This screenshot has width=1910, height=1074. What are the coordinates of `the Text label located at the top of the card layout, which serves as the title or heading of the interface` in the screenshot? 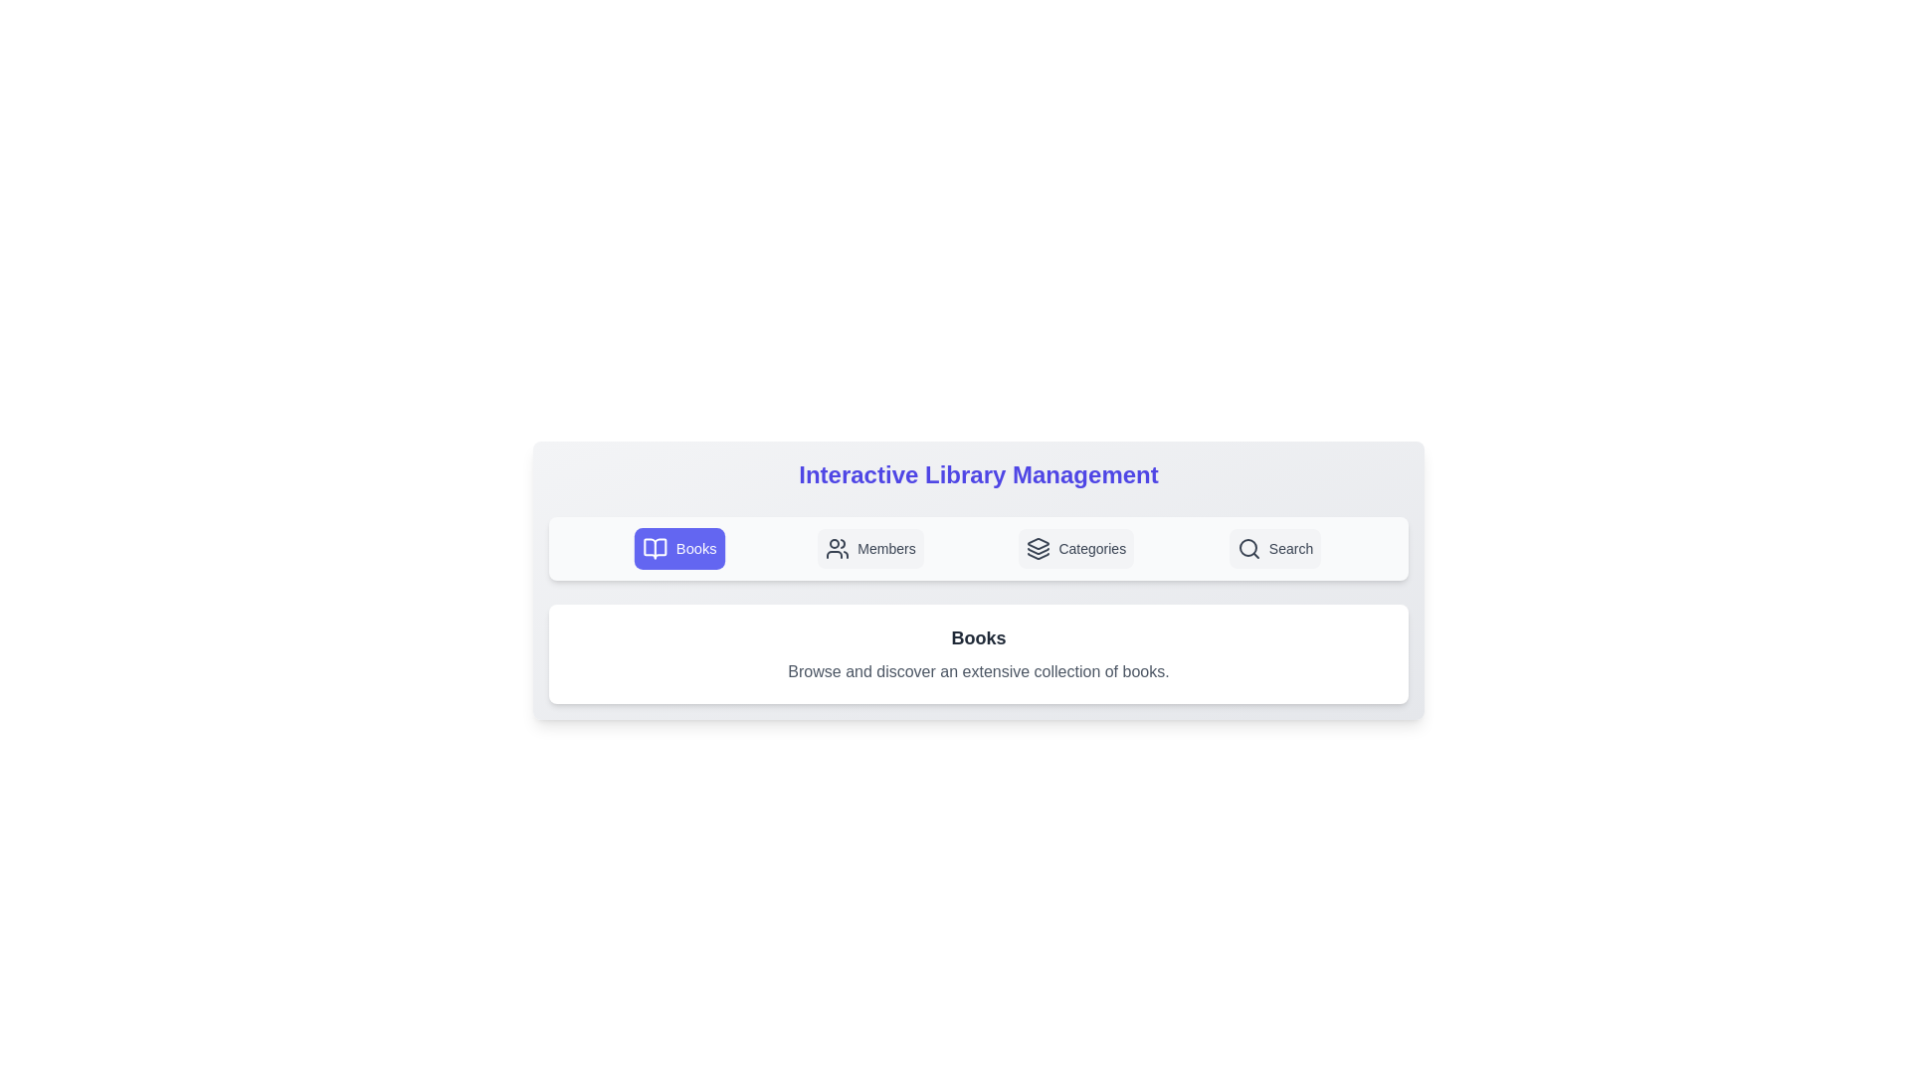 It's located at (978, 475).